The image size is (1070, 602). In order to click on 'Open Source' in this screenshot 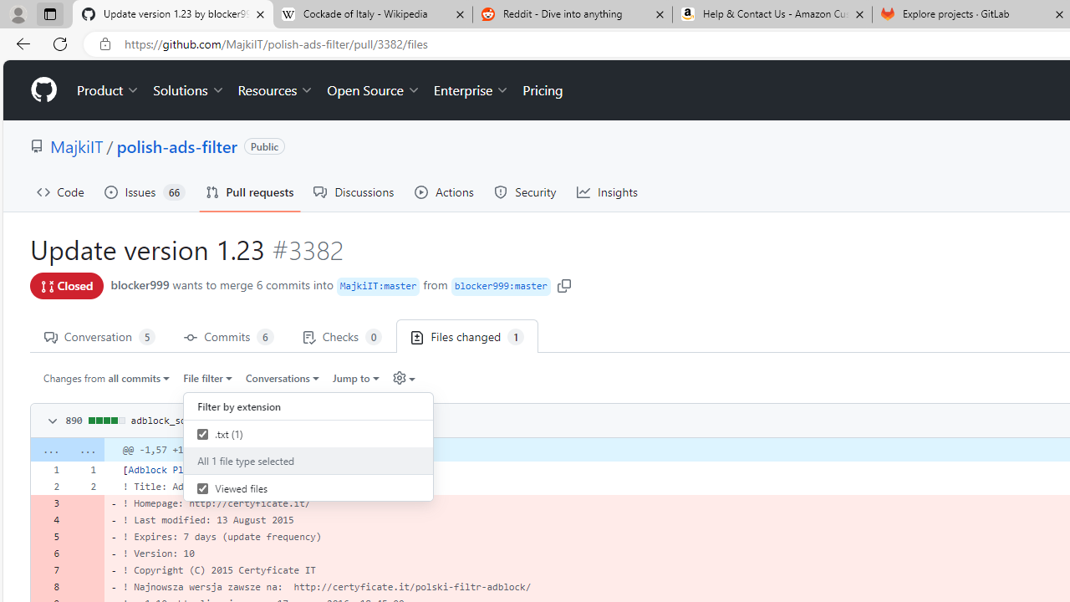, I will do `click(372, 90)`.